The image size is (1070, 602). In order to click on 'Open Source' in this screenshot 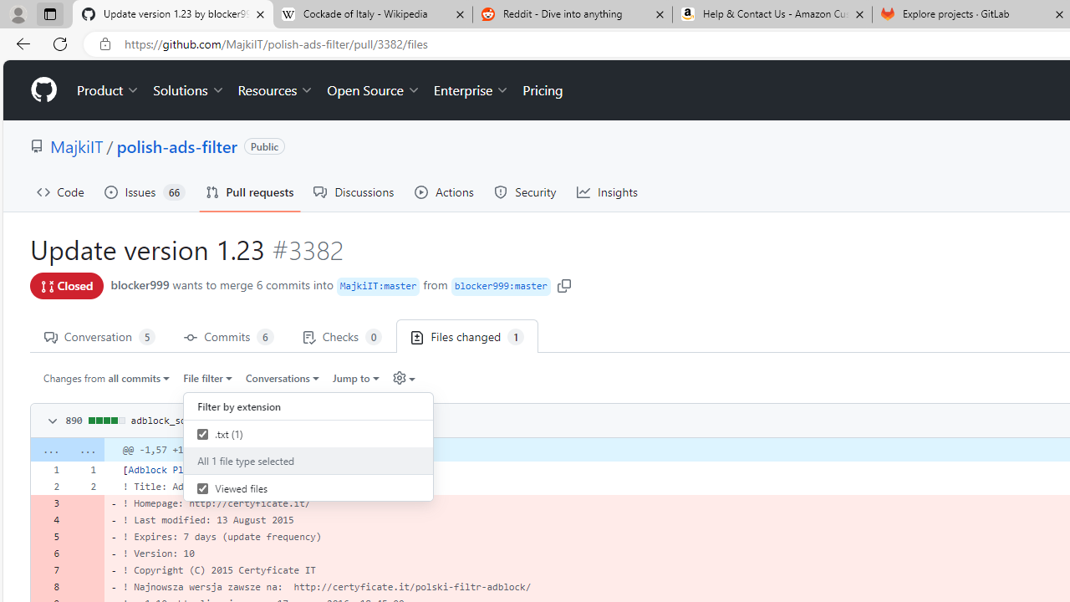, I will do `click(372, 90)`.